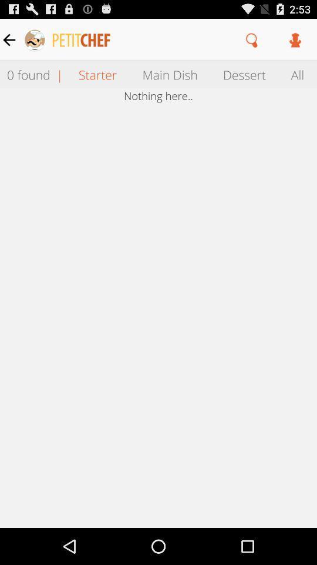  What do you see at coordinates (169, 74) in the screenshot?
I see `the main dish icon` at bounding box center [169, 74].